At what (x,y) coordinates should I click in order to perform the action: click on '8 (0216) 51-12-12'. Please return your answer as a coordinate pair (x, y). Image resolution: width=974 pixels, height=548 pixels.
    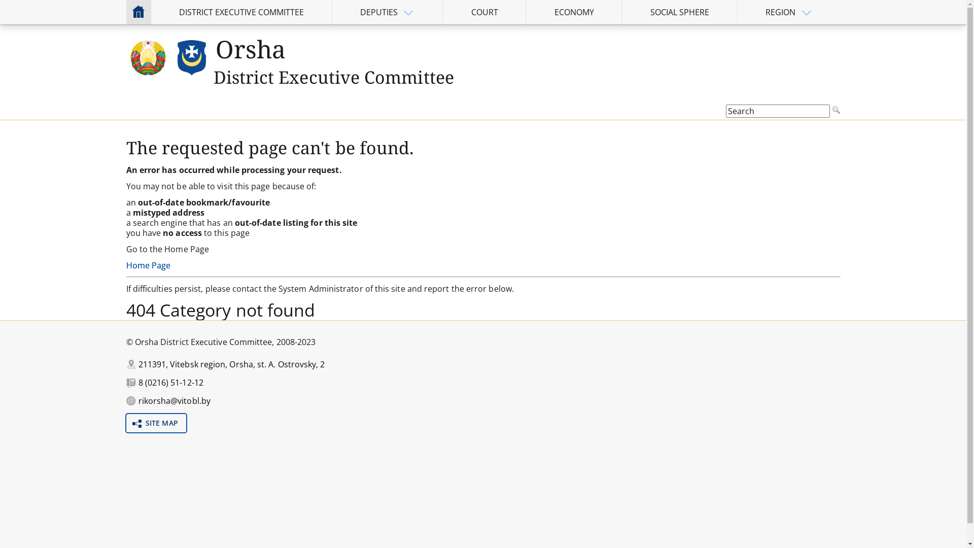
    Looking at the image, I should click on (170, 382).